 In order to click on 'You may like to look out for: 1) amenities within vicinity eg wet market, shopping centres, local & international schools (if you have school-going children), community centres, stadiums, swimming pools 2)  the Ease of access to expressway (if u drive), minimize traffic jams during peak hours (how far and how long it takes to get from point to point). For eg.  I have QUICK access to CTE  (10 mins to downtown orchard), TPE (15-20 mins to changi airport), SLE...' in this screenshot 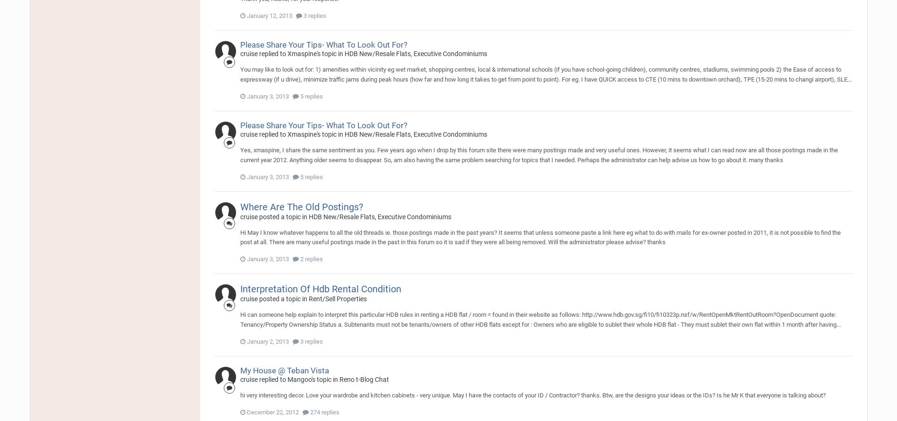, I will do `click(545, 74)`.